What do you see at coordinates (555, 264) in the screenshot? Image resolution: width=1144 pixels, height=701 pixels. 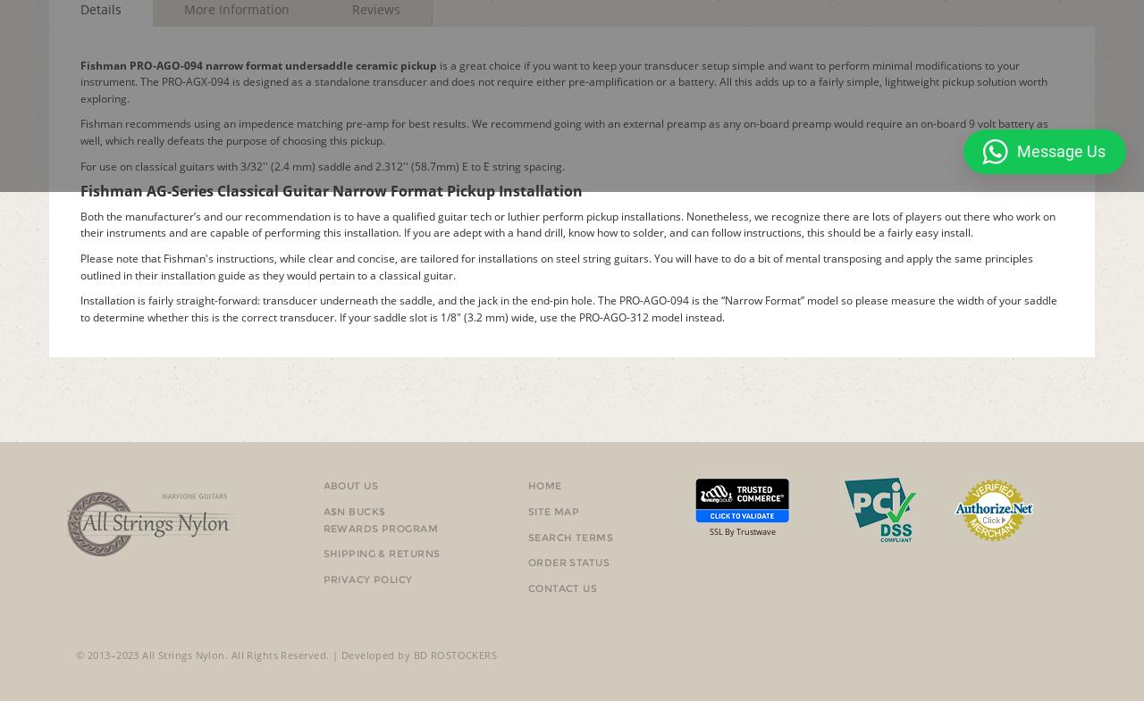 I see `'Please note that Fishman's instructions, while clear and concise, are tailored for installations on steel string guitars. You will have to do a bit of mental transposing and apply the same principles outlined in their installation guide as they would pertain to a classical guitar.'` at bounding box center [555, 264].